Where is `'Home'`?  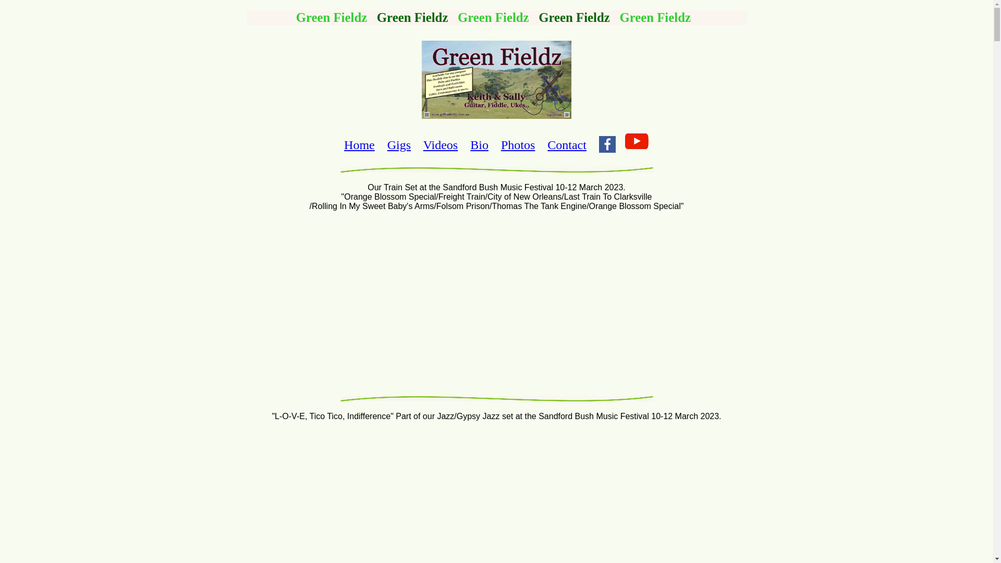 'Home' is located at coordinates (344, 144).